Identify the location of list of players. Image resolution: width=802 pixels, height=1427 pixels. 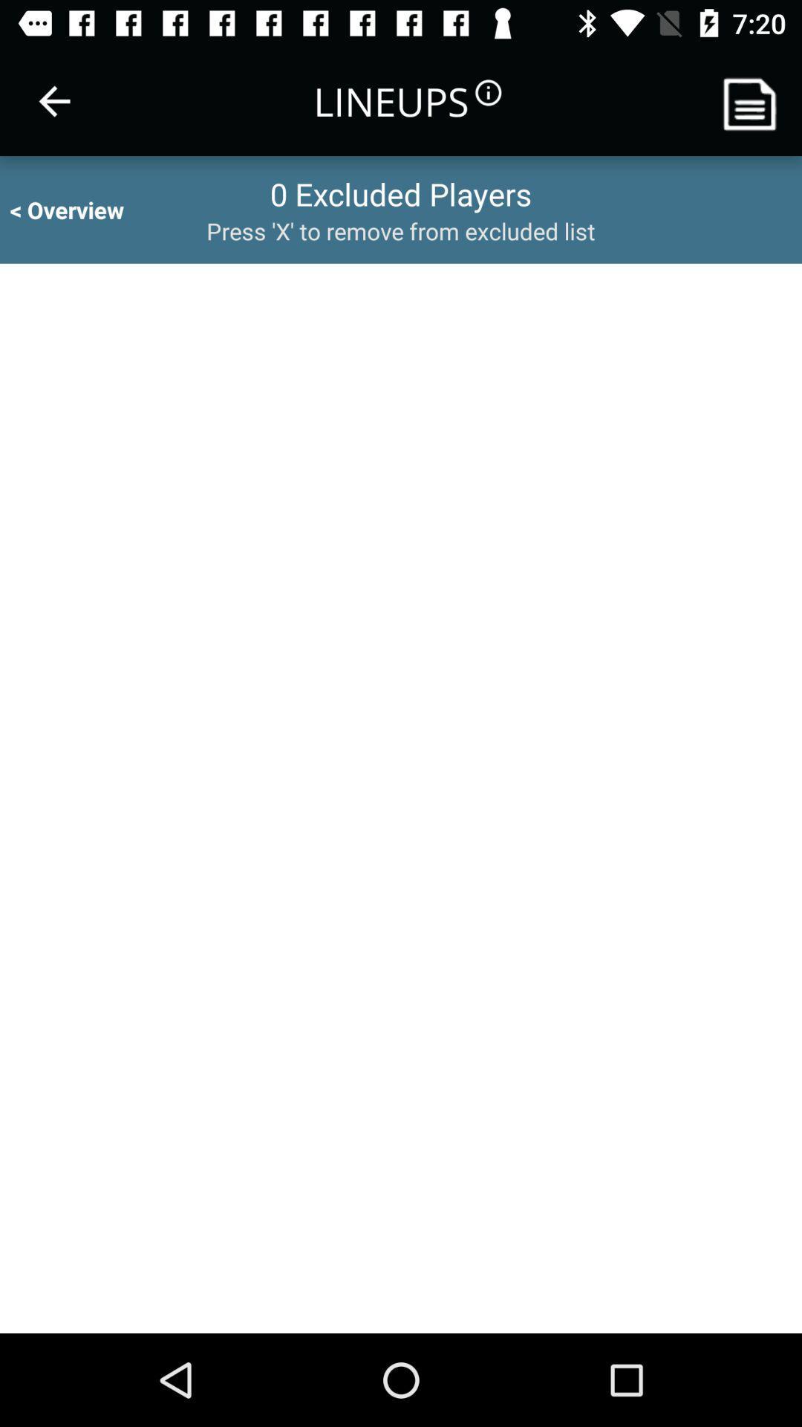
(755, 100).